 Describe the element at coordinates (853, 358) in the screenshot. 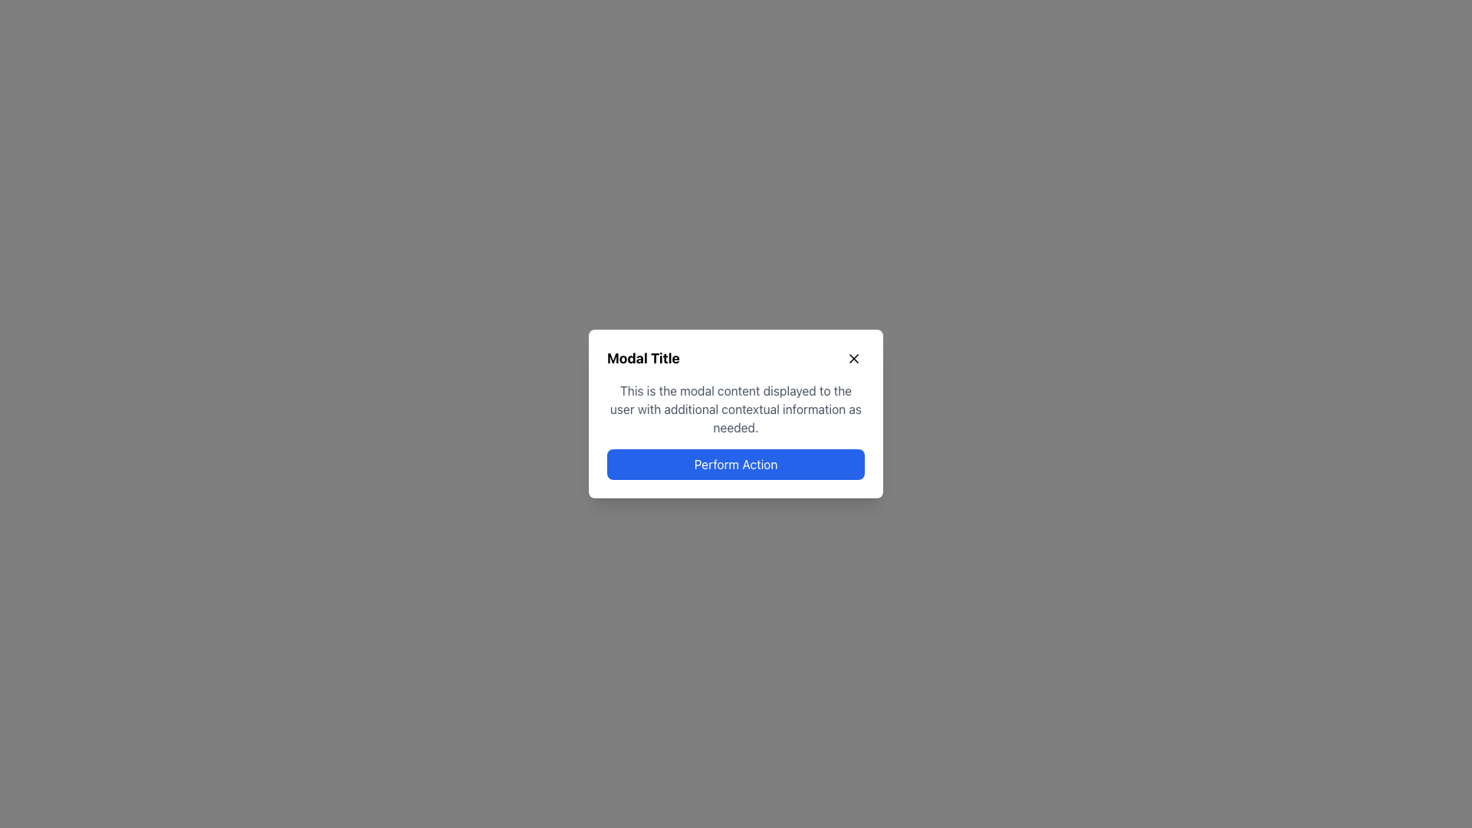

I see `the close button icon located at the top-right corner of the modal dialog next to the title 'Modal Title'` at that location.